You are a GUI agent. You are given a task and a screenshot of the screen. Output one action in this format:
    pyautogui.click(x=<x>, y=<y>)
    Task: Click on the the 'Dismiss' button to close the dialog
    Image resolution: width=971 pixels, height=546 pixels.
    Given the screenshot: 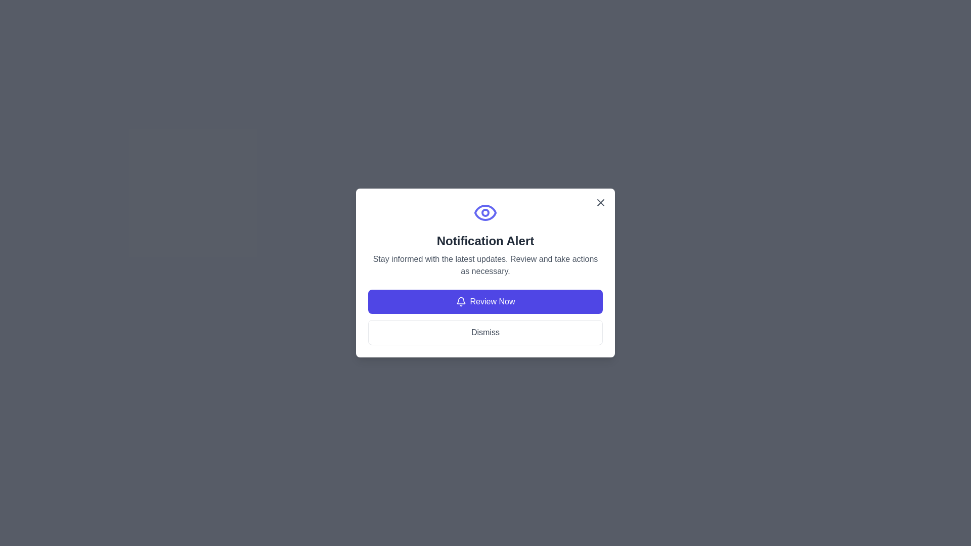 What is the action you would take?
    pyautogui.click(x=485, y=333)
    